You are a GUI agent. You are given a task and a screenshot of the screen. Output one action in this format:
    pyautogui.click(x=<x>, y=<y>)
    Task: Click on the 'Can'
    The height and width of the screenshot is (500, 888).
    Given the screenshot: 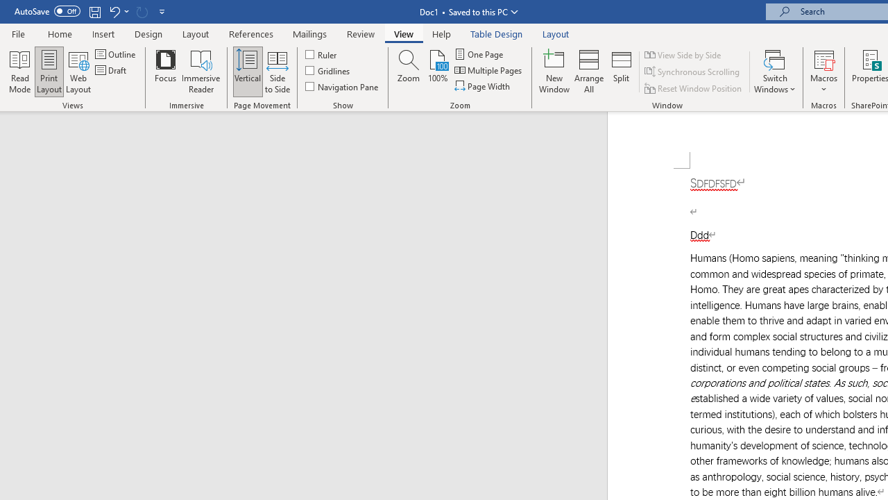 What is the action you would take?
    pyautogui.click(x=142, y=11)
    